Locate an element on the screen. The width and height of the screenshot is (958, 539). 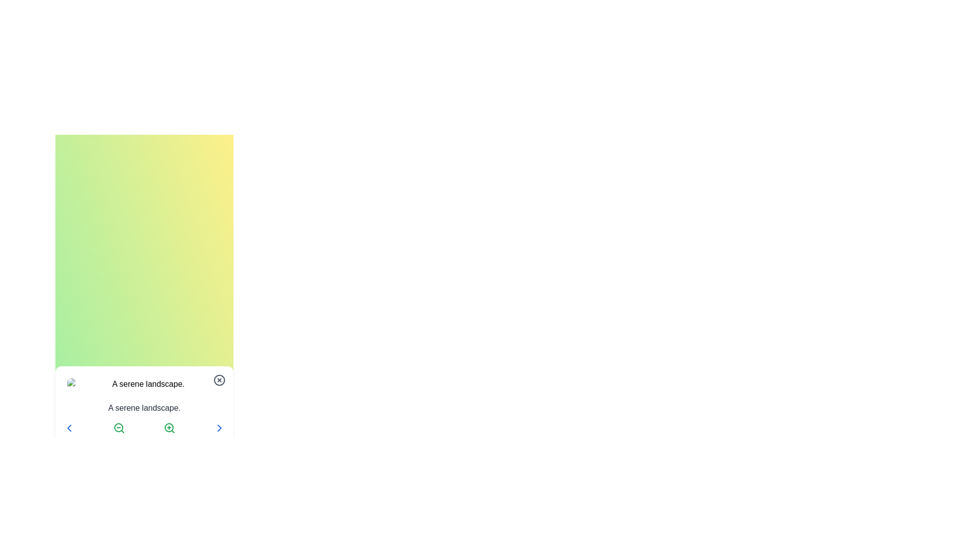
the interactive close button icon located in the top-right corner of the white card to change its appearance is located at coordinates (219, 380).